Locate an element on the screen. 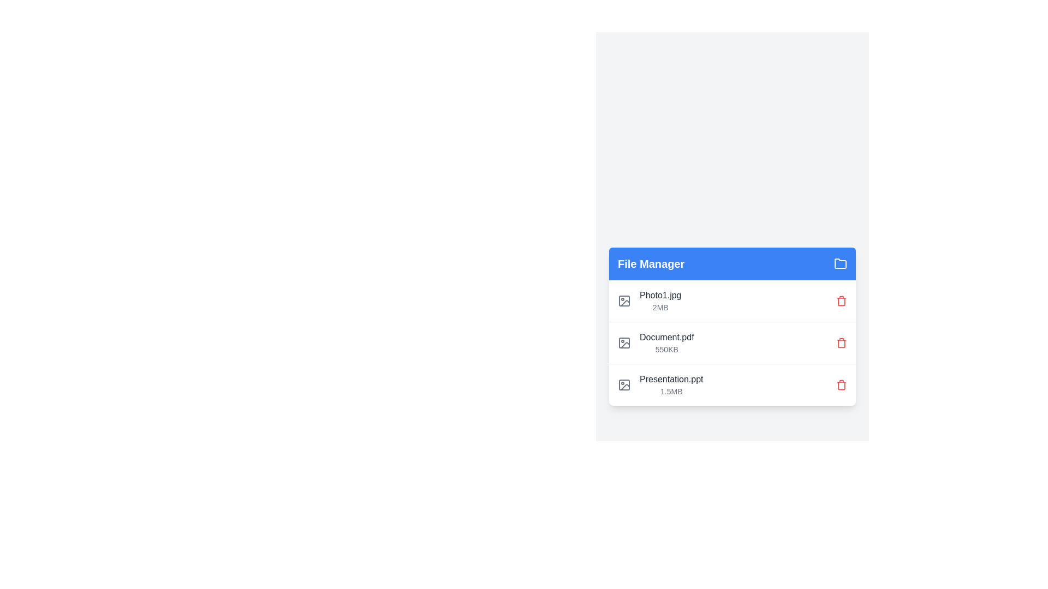 The image size is (1048, 589). the red trash icon button located at the far-right of the row displaying information about the file 'Presentation.ppt 1.5MB' in the third row of the file manager is located at coordinates (841, 384).